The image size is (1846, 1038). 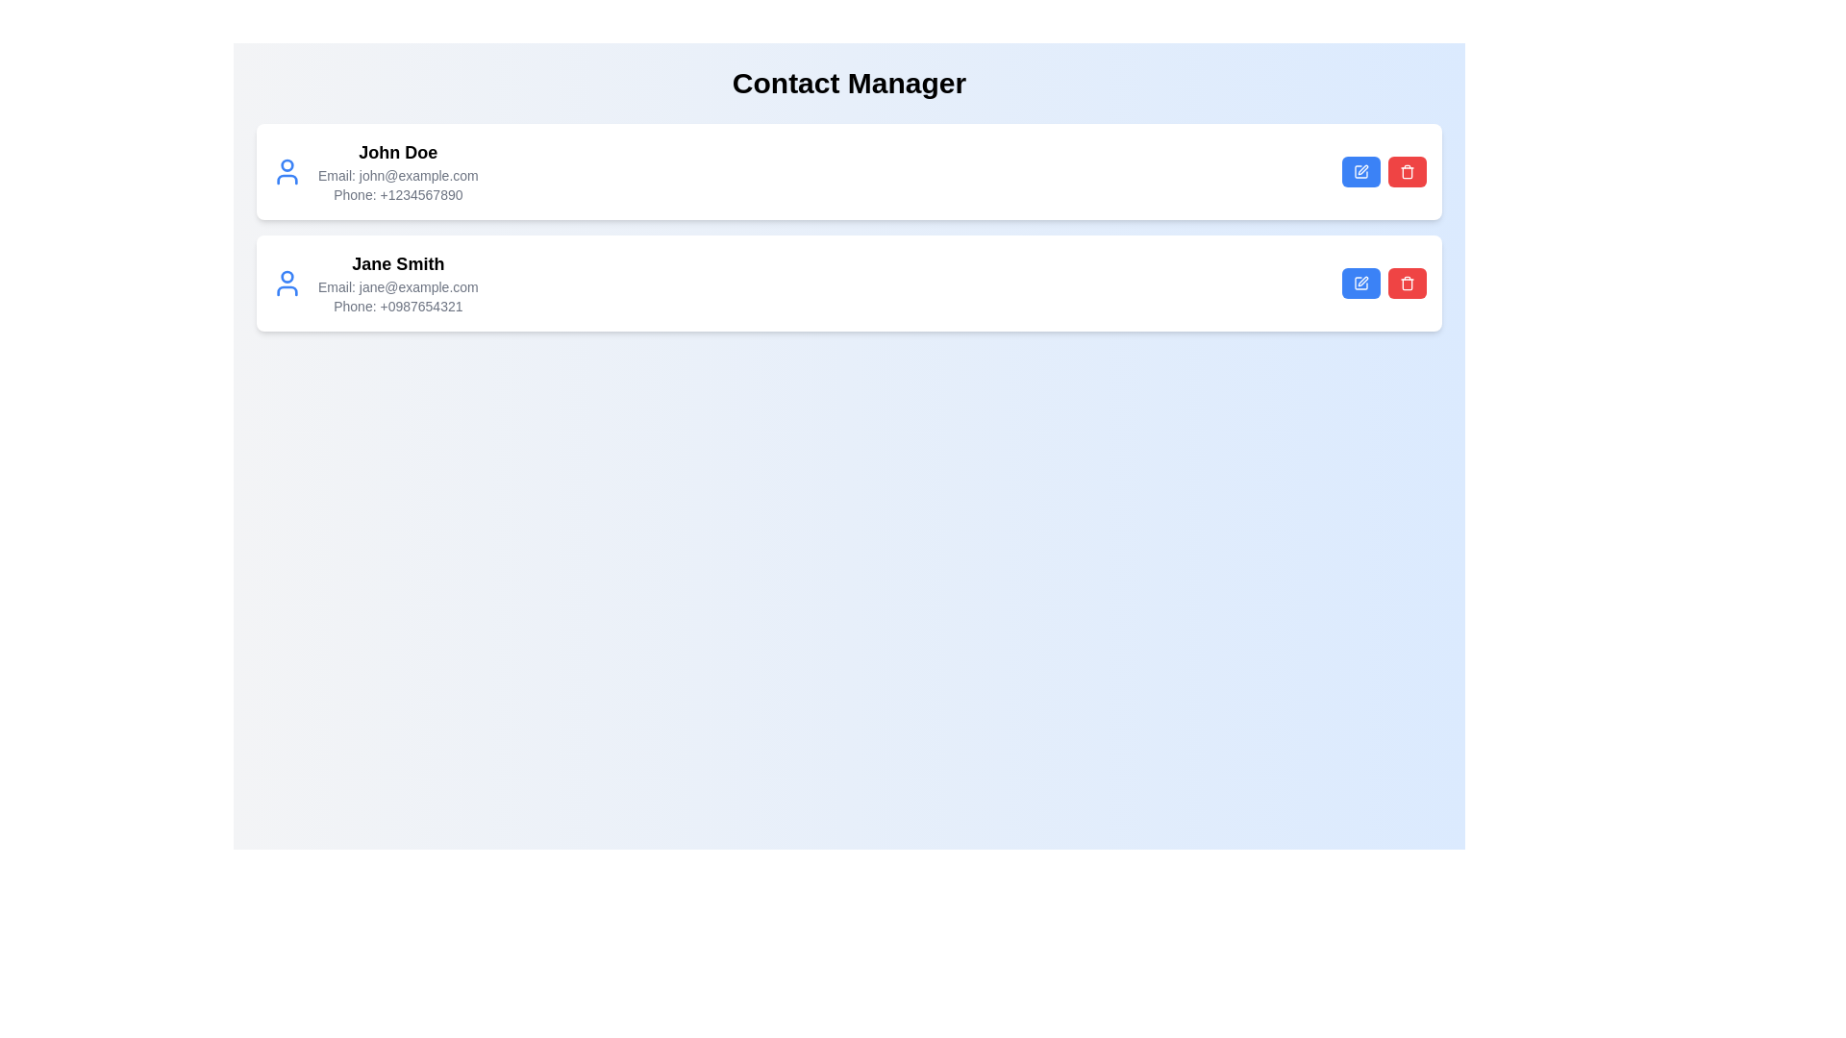 I want to click on the blue edit button with a white pen icon located in the second row of the list, to the left of the red trash button, to observe its hover effect, so click(x=1360, y=283).